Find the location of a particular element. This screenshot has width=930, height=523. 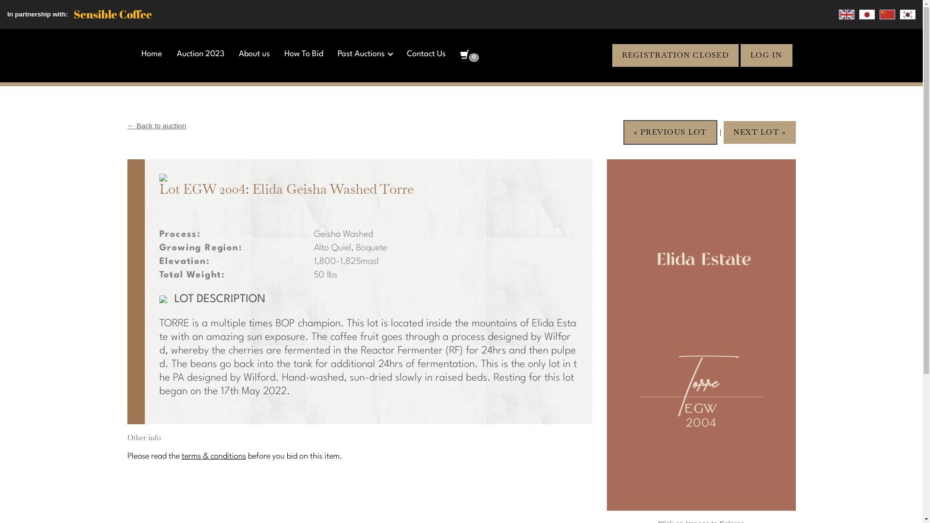

'Sensible Coffee' is located at coordinates (113, 15).